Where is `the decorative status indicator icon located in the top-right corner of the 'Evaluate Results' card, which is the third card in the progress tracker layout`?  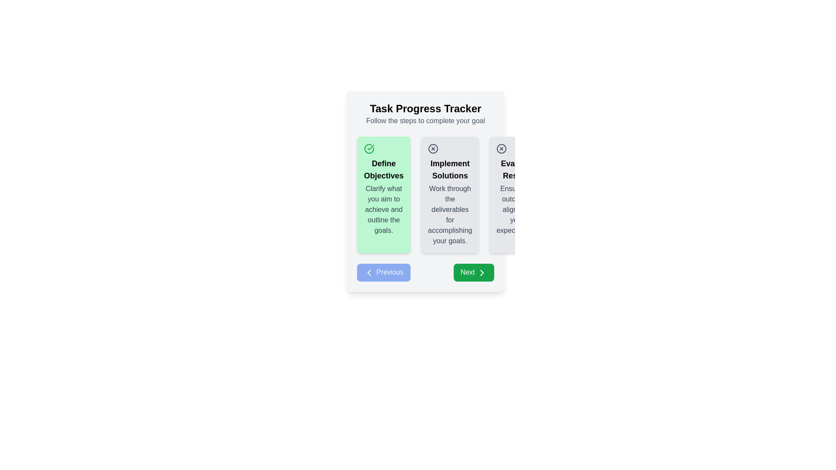
the decorative status indicator icon located in the top-right corner of the 'Evaluate Results' card, which is the third card in the progress tracker layout is located at coordinates (502, 148).